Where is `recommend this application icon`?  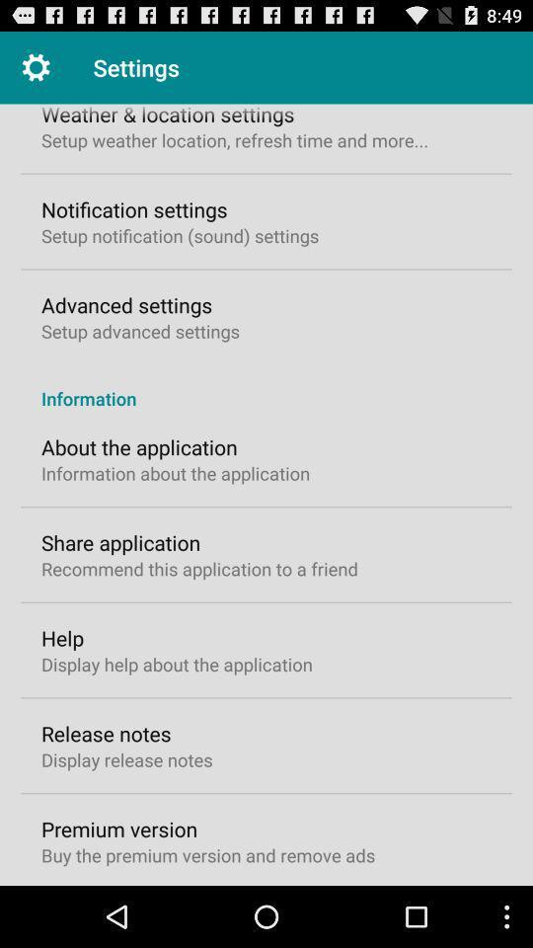
recommend this application icon is located at coordinates (199, 569).